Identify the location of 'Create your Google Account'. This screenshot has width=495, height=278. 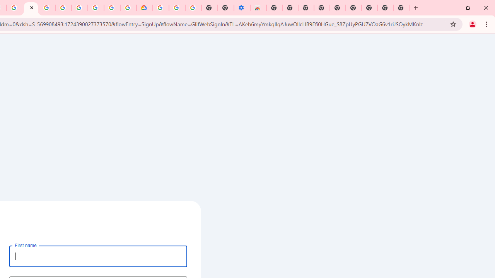
(111, 8).